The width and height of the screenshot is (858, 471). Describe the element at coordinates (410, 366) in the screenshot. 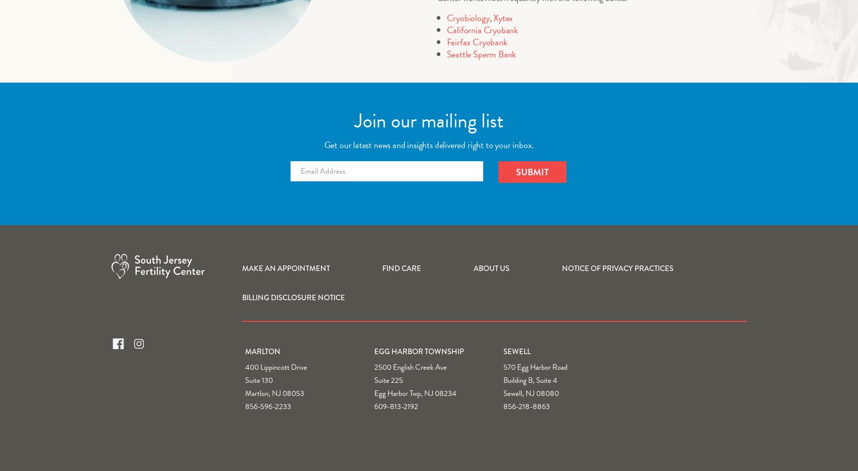

I see `'2500 English Creek Ave'` at that location.